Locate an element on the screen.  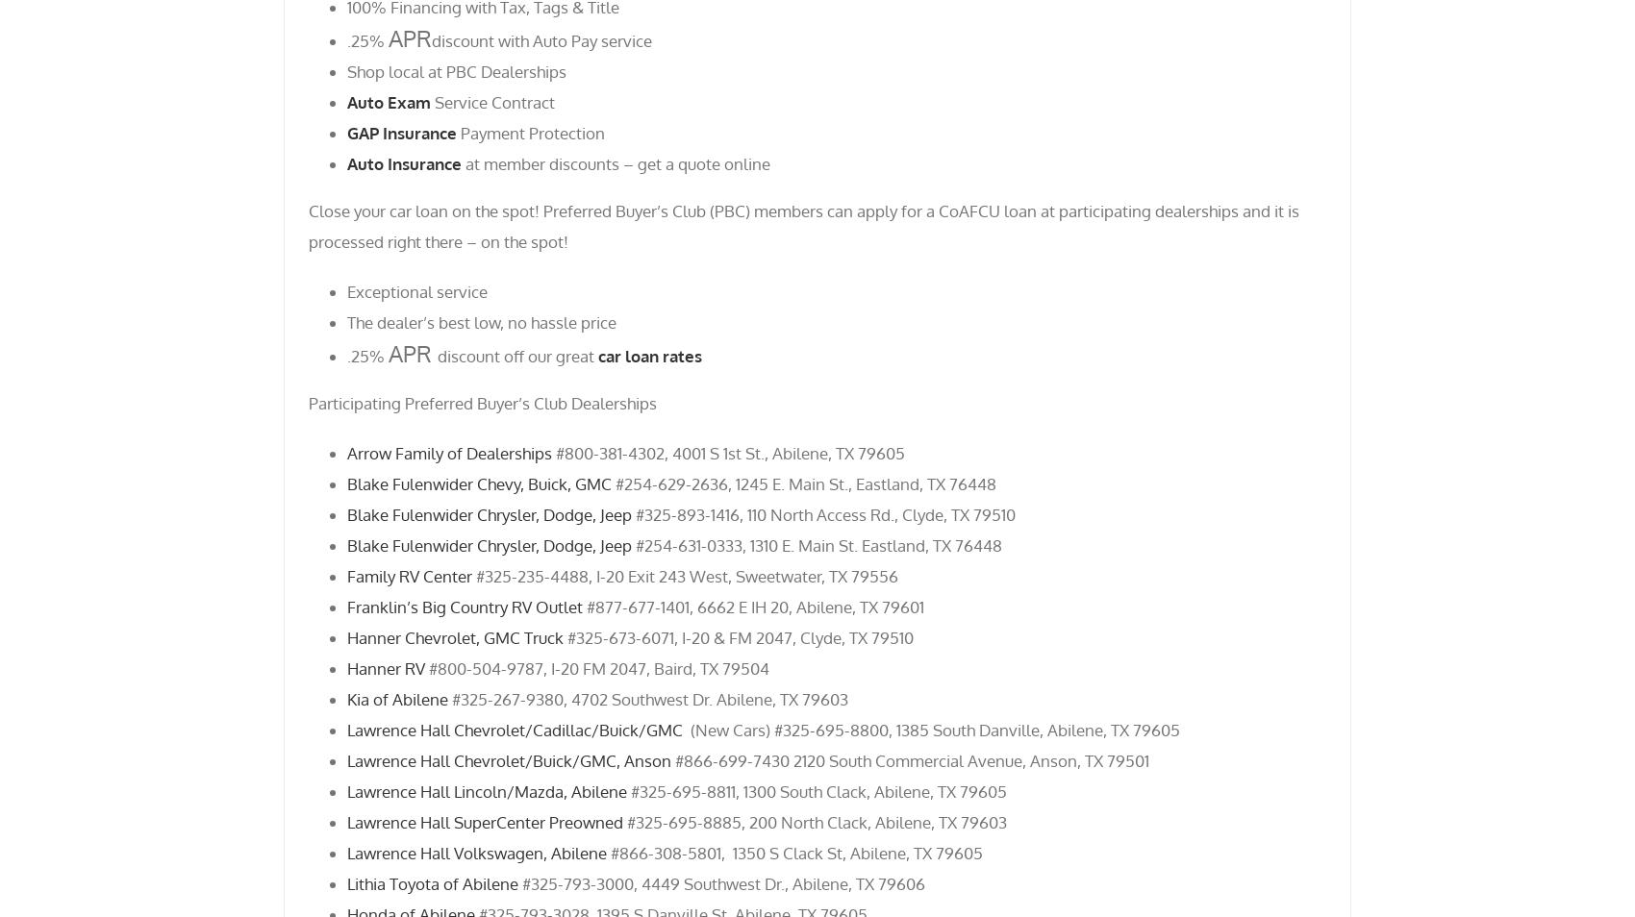
'#866-699-7430 2120 South Commercial Avenue, Anson, TX 79501' is located at coordinates (910, 759).